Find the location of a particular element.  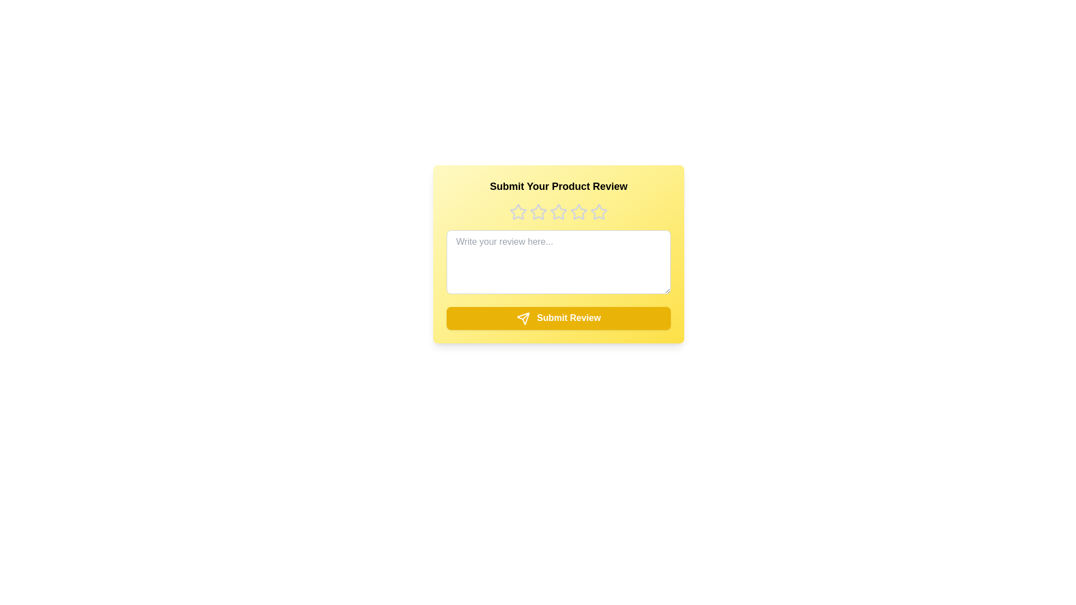

the Star Rating Icon, which is the last star in a series of five stars aligned horizontally in the review card component is located at coordinates (599, 212).